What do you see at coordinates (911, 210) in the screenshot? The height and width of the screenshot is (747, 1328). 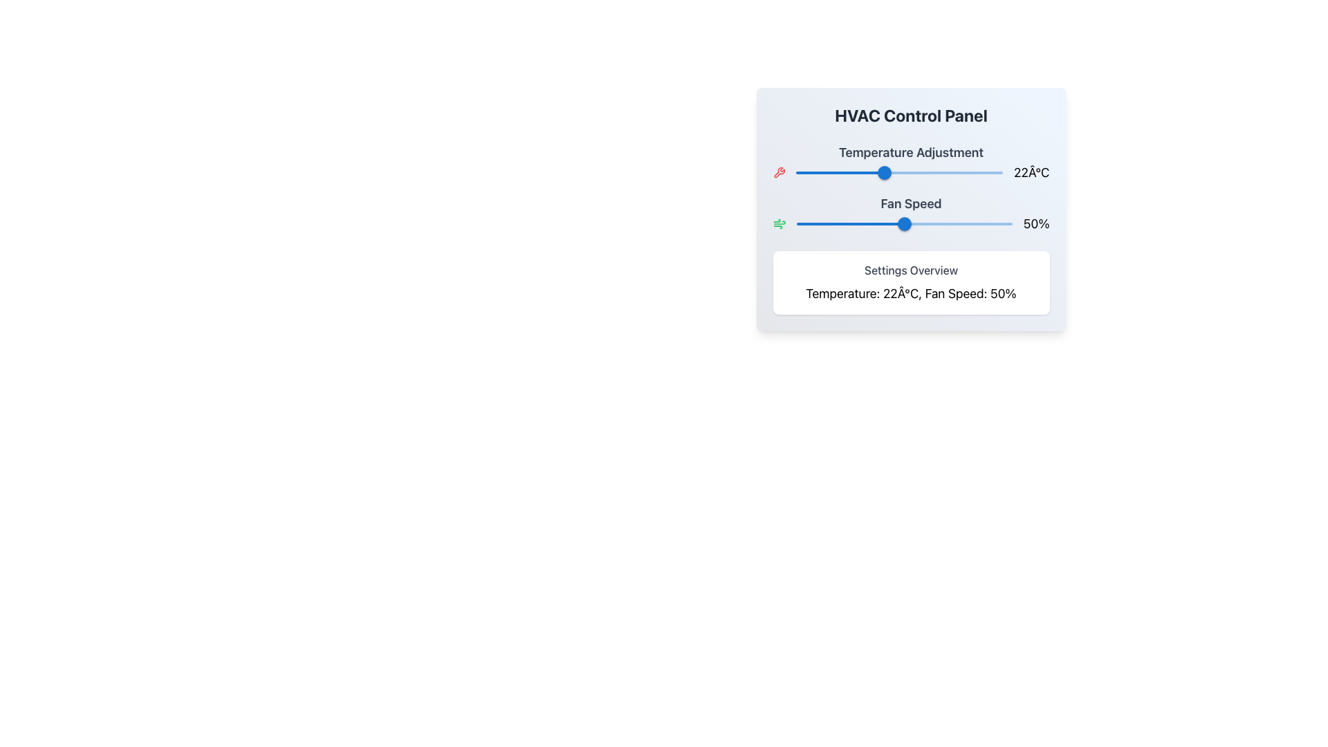 I see `the HVAC Control Panel element, which is centrally aligned below the 'HVAC Control Panel' title and above the settings overview` at bounding box center [911, 210].